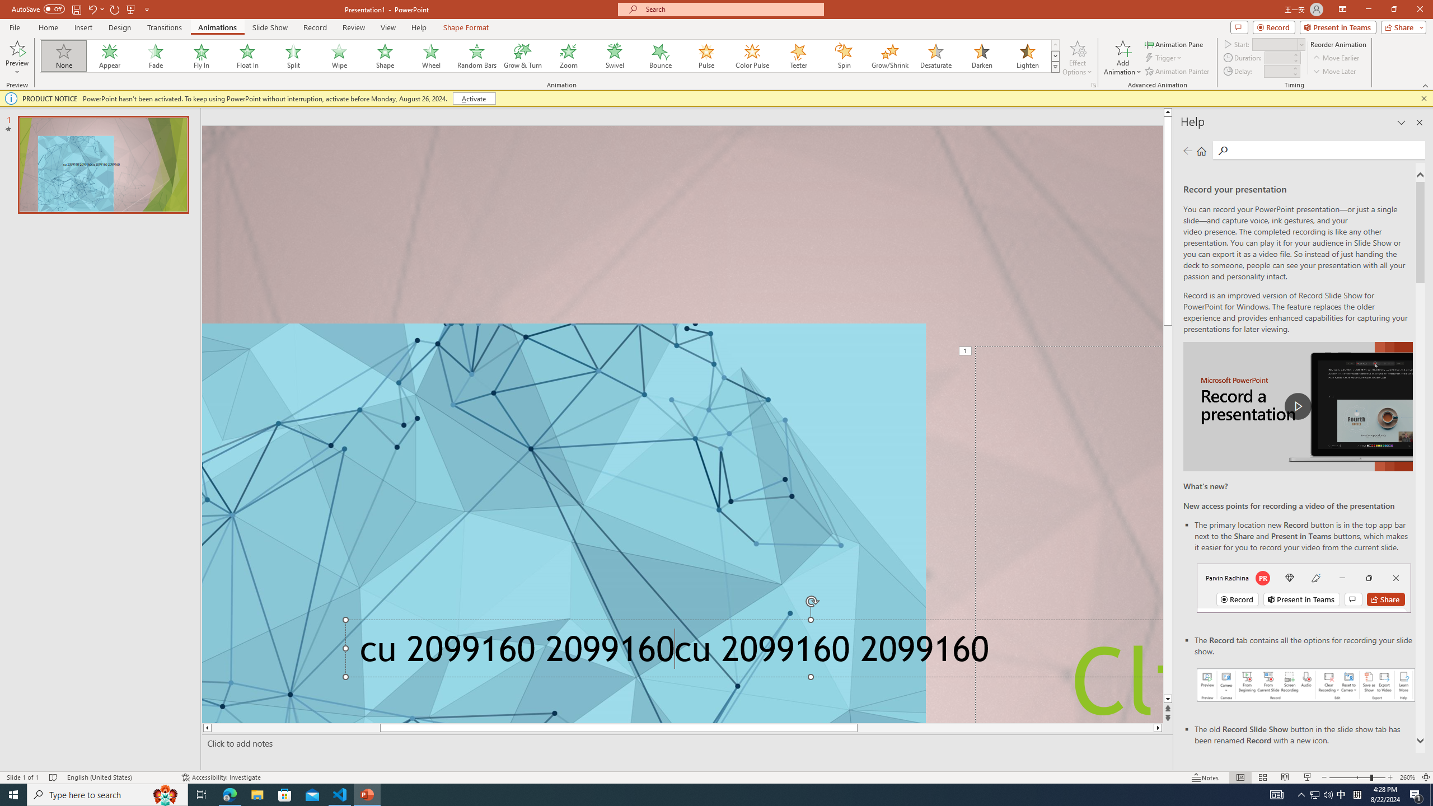 The image size is (1433, 806). What do you see at coordinates (1164, 58) in the screenshot?
I see `'Trigger'` at bounding box center [1164, 58].